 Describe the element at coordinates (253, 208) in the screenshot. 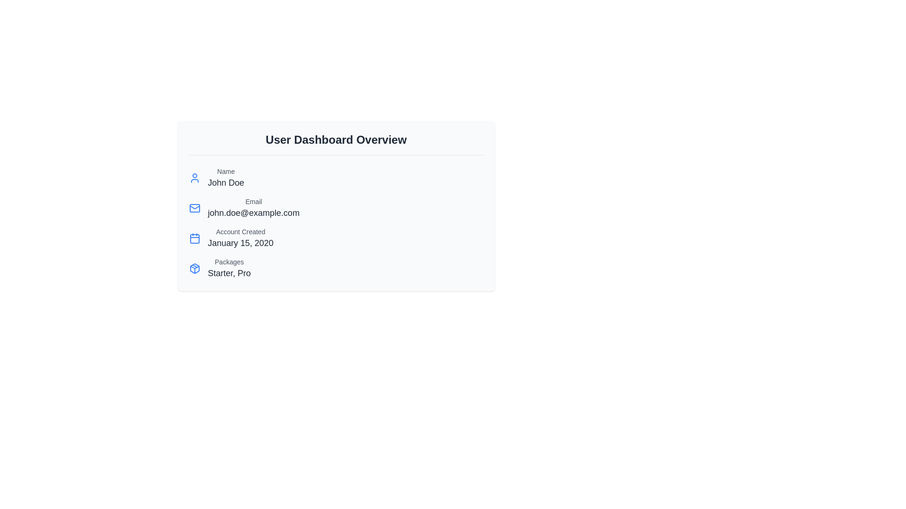

I see `the Text block displaying the email address 'john.doe@example.com', which is styled with larger, bold, dark text and located in the User Dashboard Overview below the 'John Doe' user name` at that location.